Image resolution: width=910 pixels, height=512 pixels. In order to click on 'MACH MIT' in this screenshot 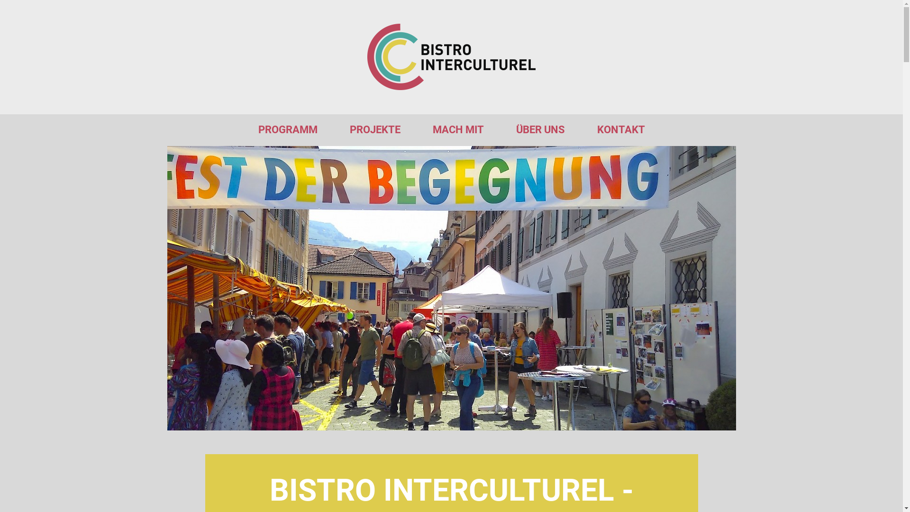, I will do `click(457, 130)`.